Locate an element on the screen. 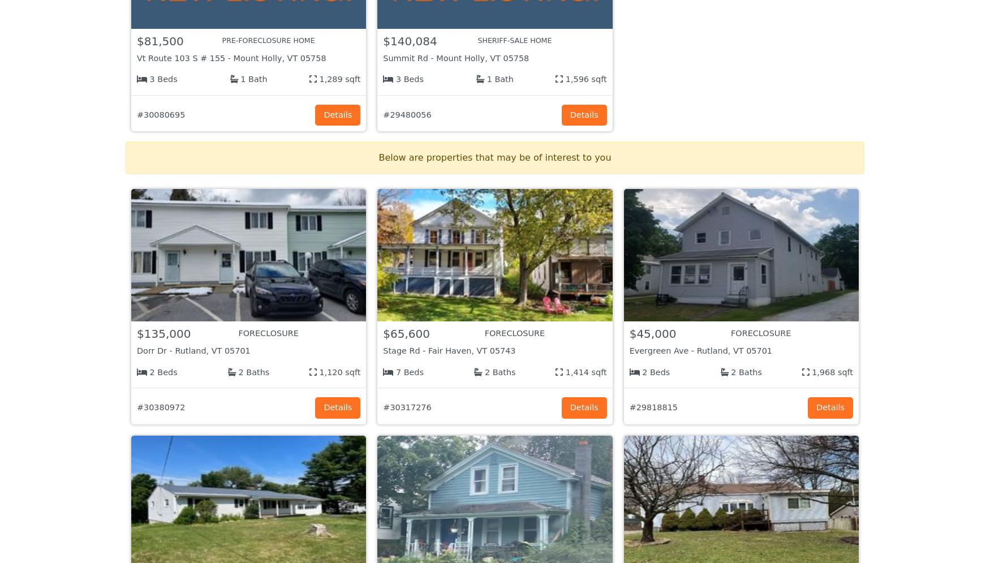 This screenshot has width=990, height=563. 'Press Release' is located at coordinates (415, 456).